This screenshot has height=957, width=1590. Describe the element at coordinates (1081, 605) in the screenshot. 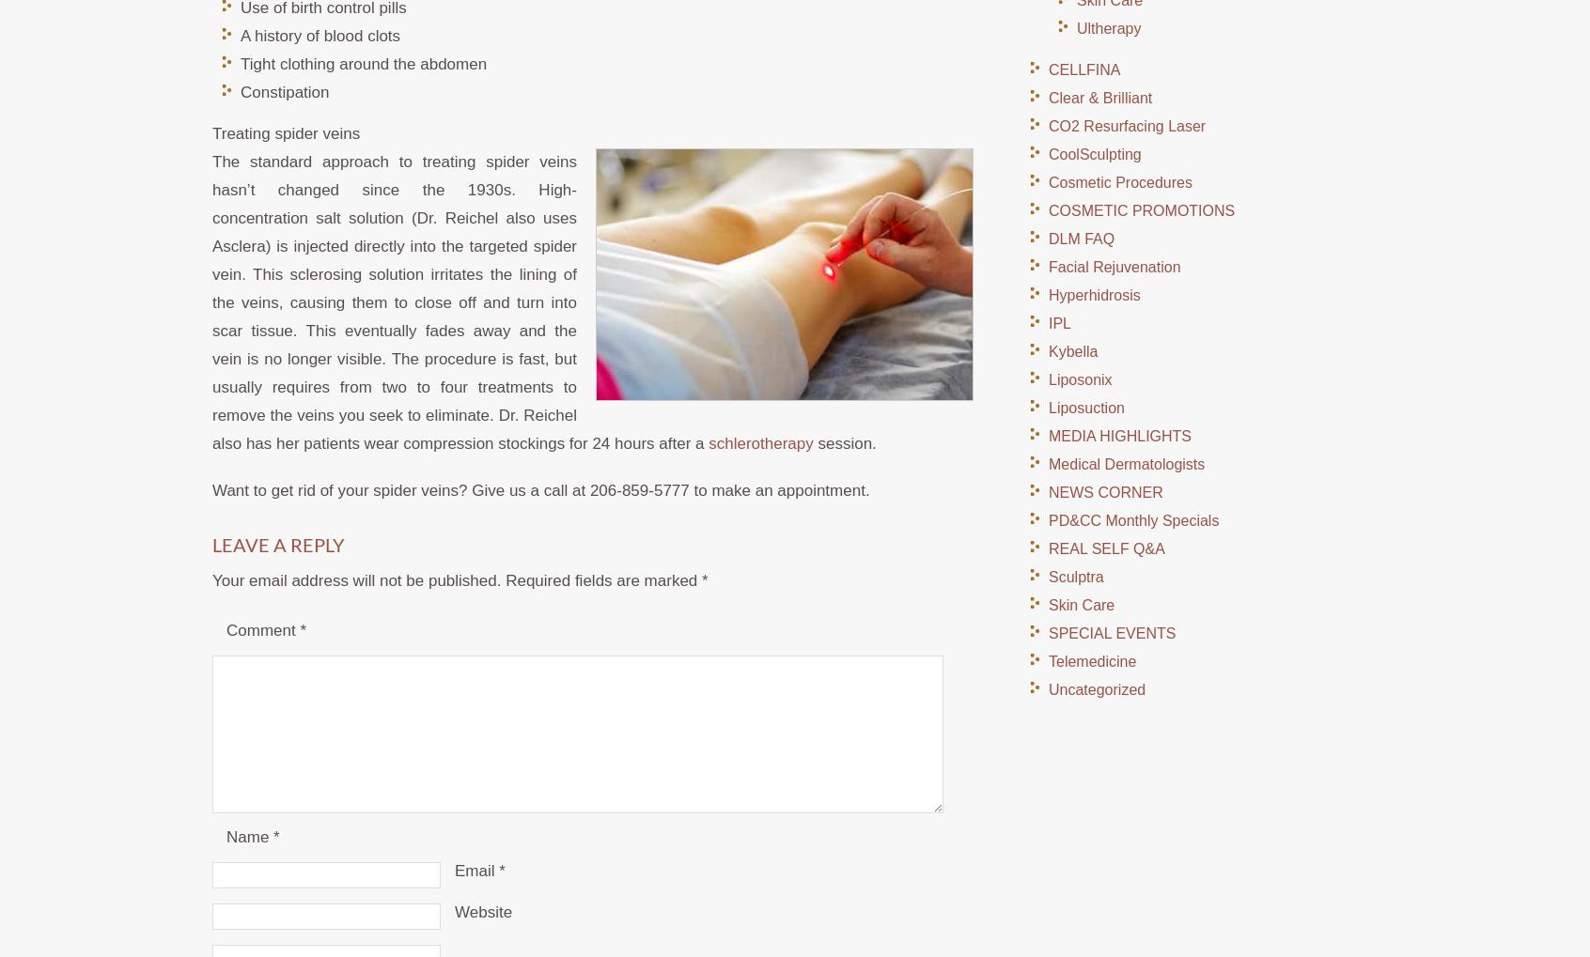

I see `'Skin Care'` at that location.